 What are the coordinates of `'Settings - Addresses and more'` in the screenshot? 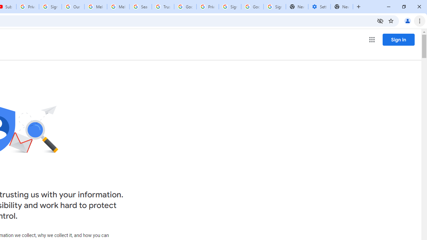 It's located at (319, 7).